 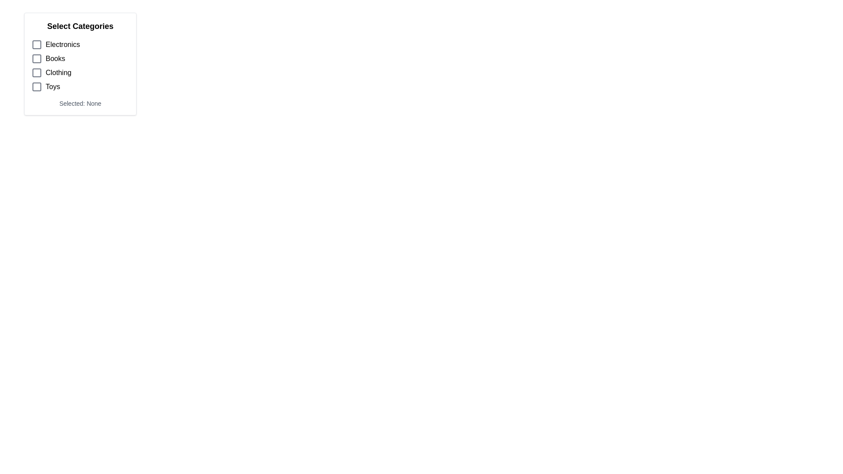 What do you see at coordinates (36, 44) in the screenshot?
I see `the checkbox located next` at bounding box center [36, 44].